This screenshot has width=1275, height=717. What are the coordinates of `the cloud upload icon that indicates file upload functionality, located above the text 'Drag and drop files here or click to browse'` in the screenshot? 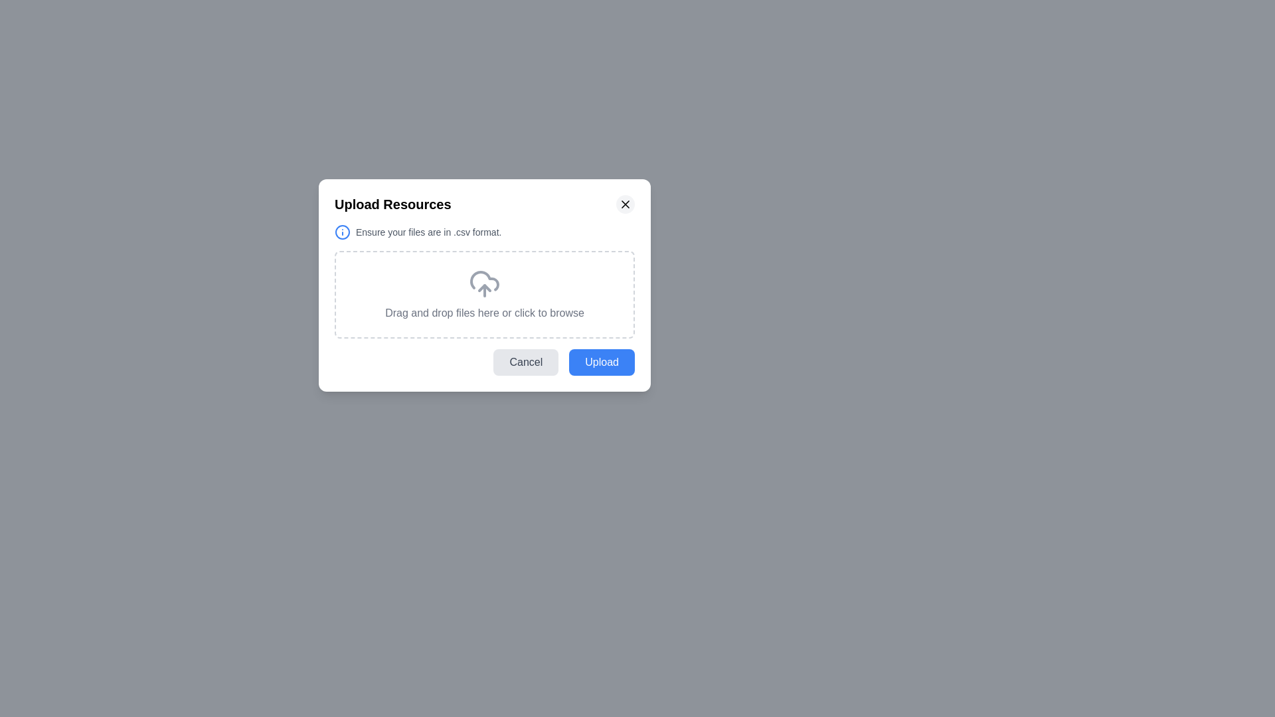 It's located at (483, 283).